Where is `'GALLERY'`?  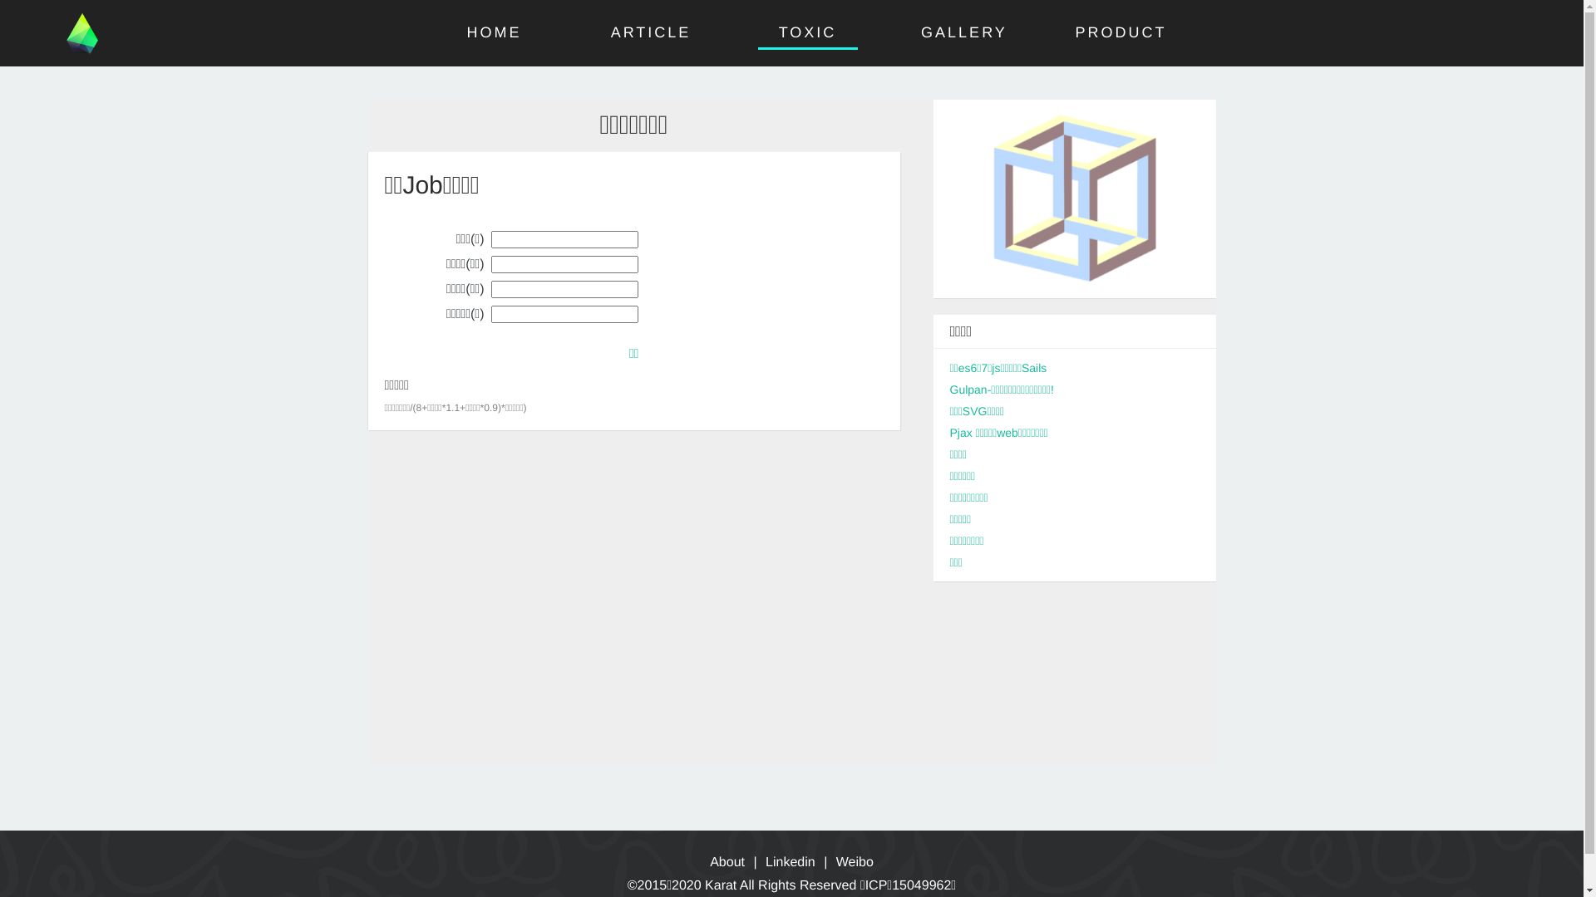 'GALLERY' is located at coordinates (964, 32).